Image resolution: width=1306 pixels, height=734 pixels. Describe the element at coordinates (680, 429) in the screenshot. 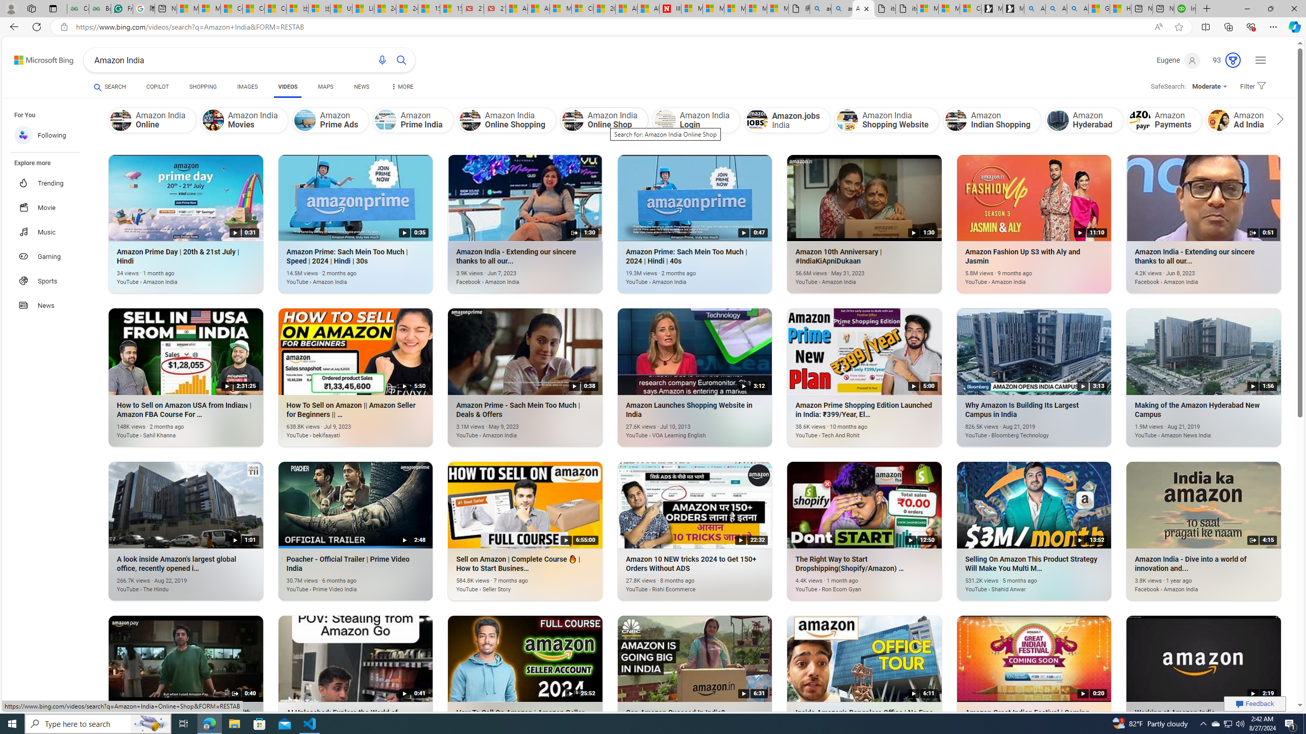

I see `'Amazon Launches Shopping Website in India'` at that location.